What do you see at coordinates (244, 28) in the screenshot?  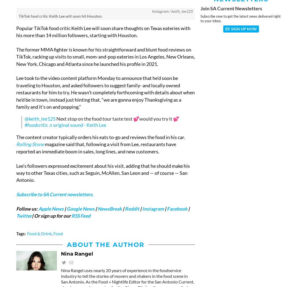 I see `'Sign Up Now'` at bounding box center [244, 28].